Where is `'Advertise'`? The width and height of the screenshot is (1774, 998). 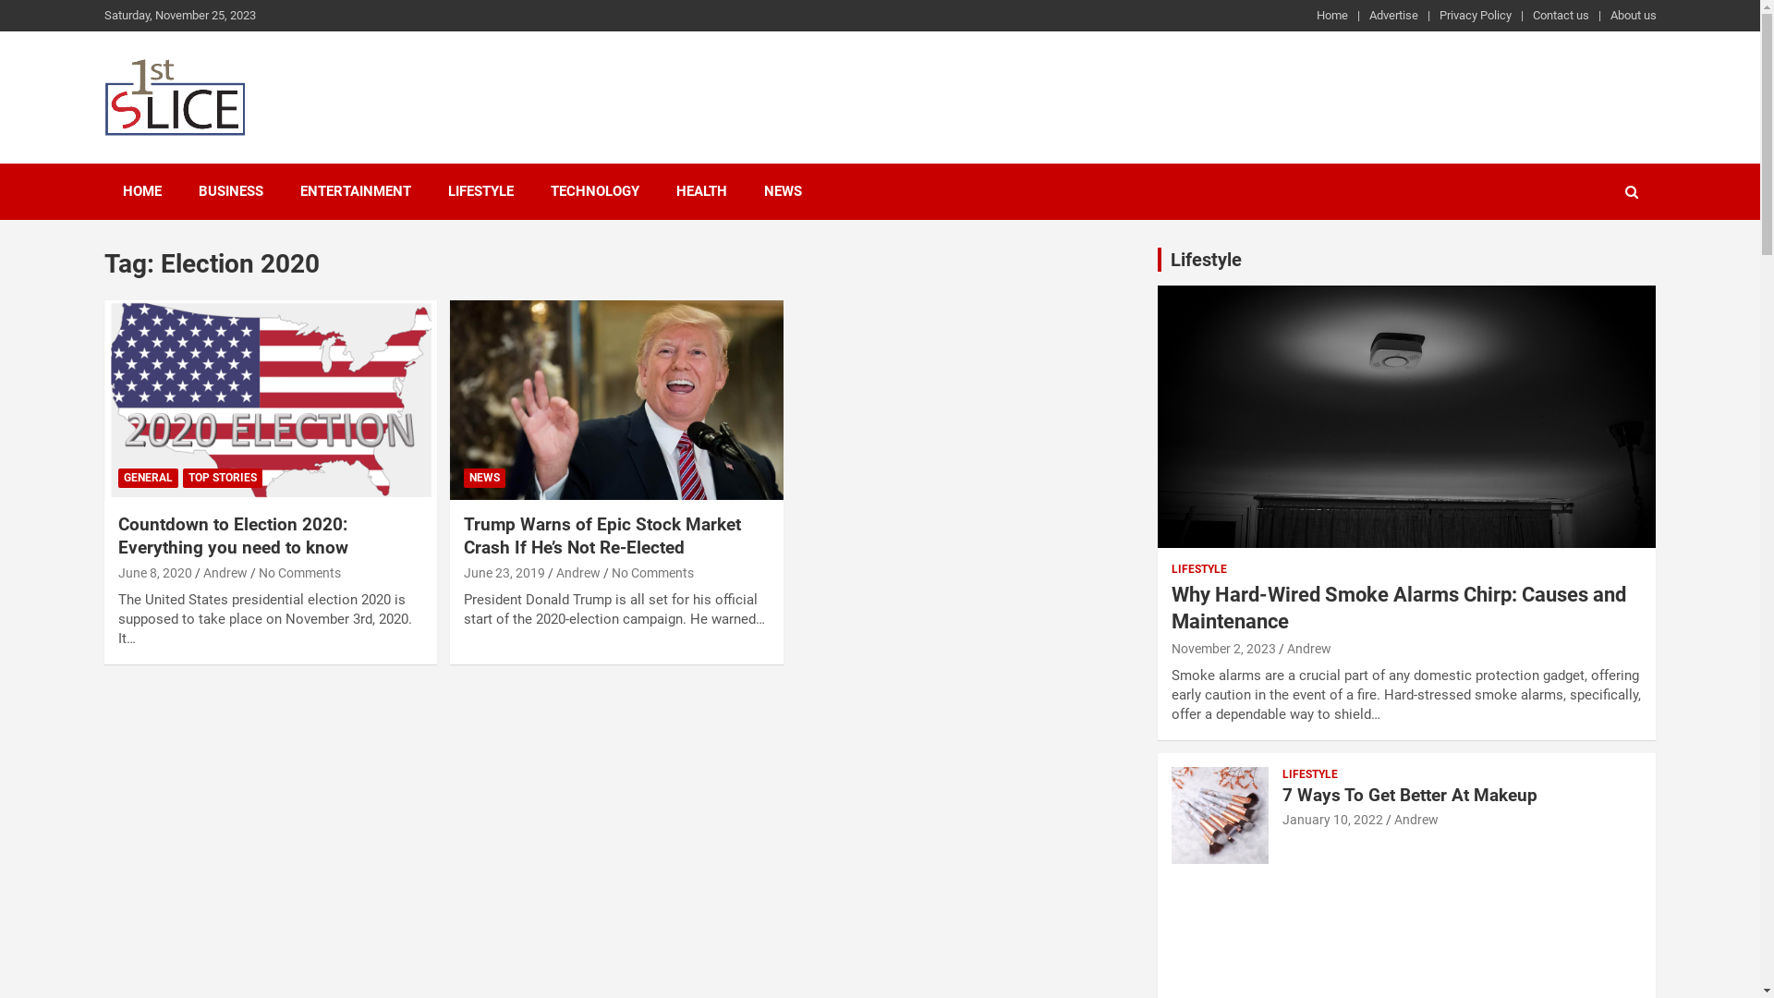
'Advertise' is located at coordinates (1393, 15).